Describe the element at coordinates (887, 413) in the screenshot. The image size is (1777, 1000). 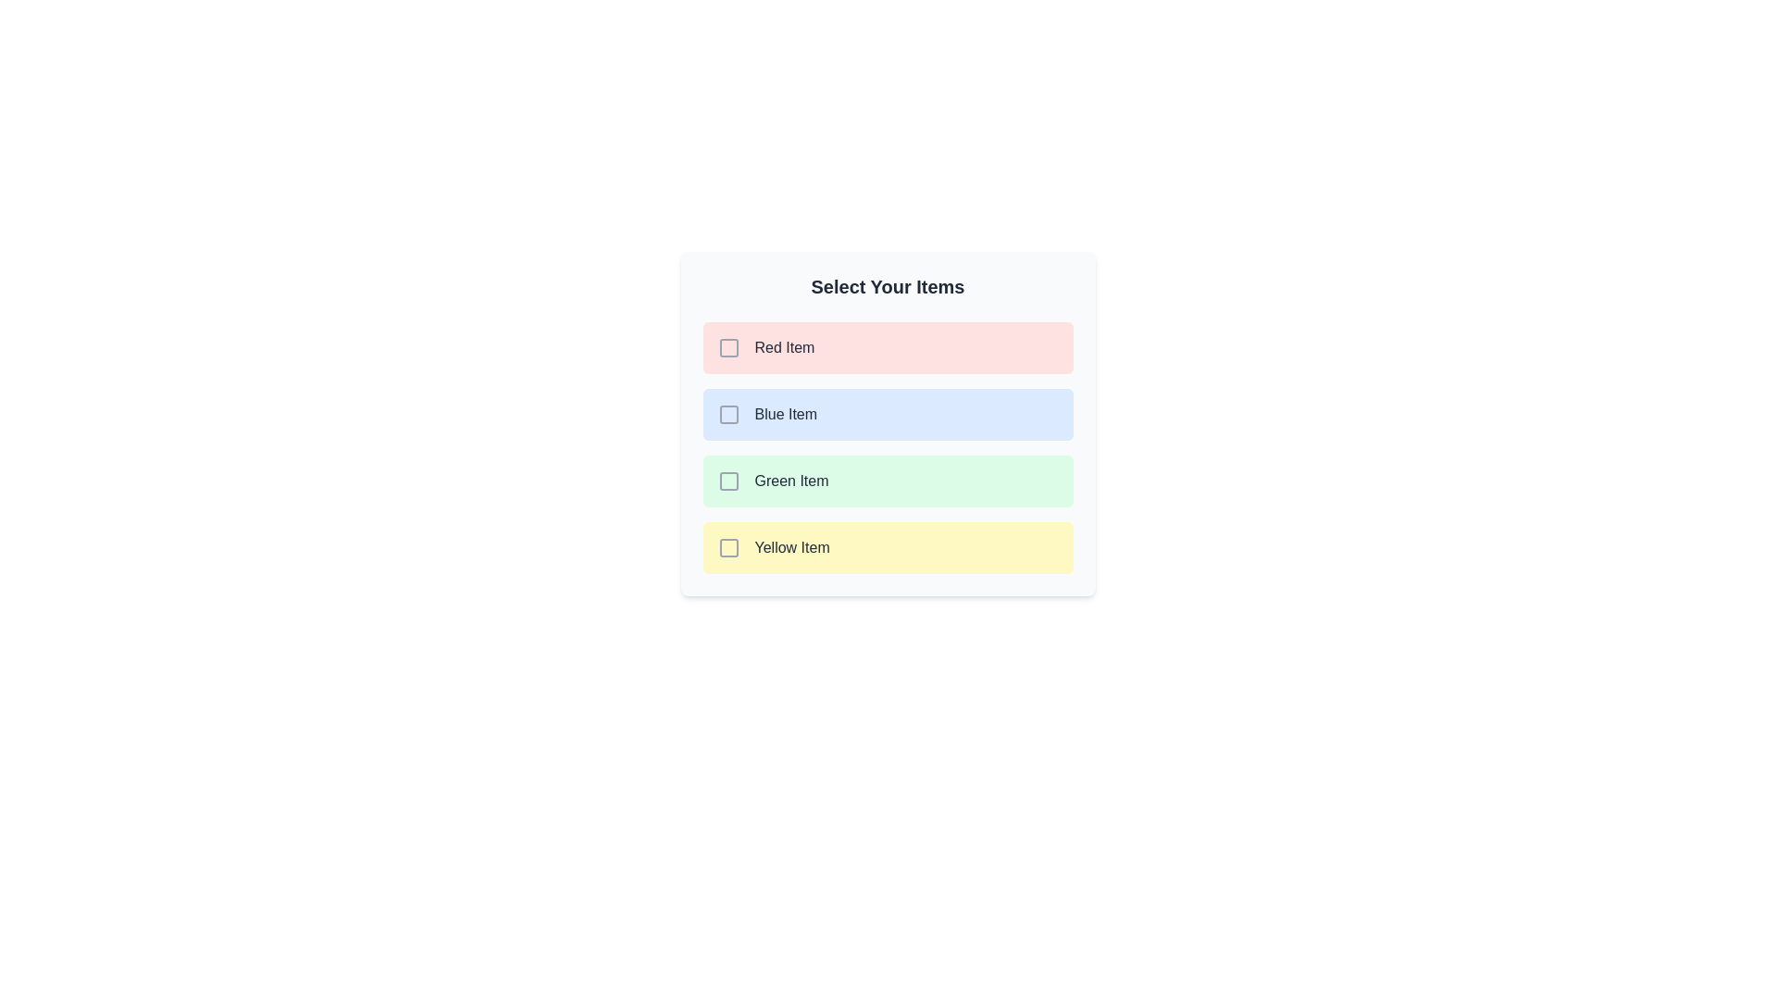
I see `the item Blue Item to observe its hover effect` at that location.